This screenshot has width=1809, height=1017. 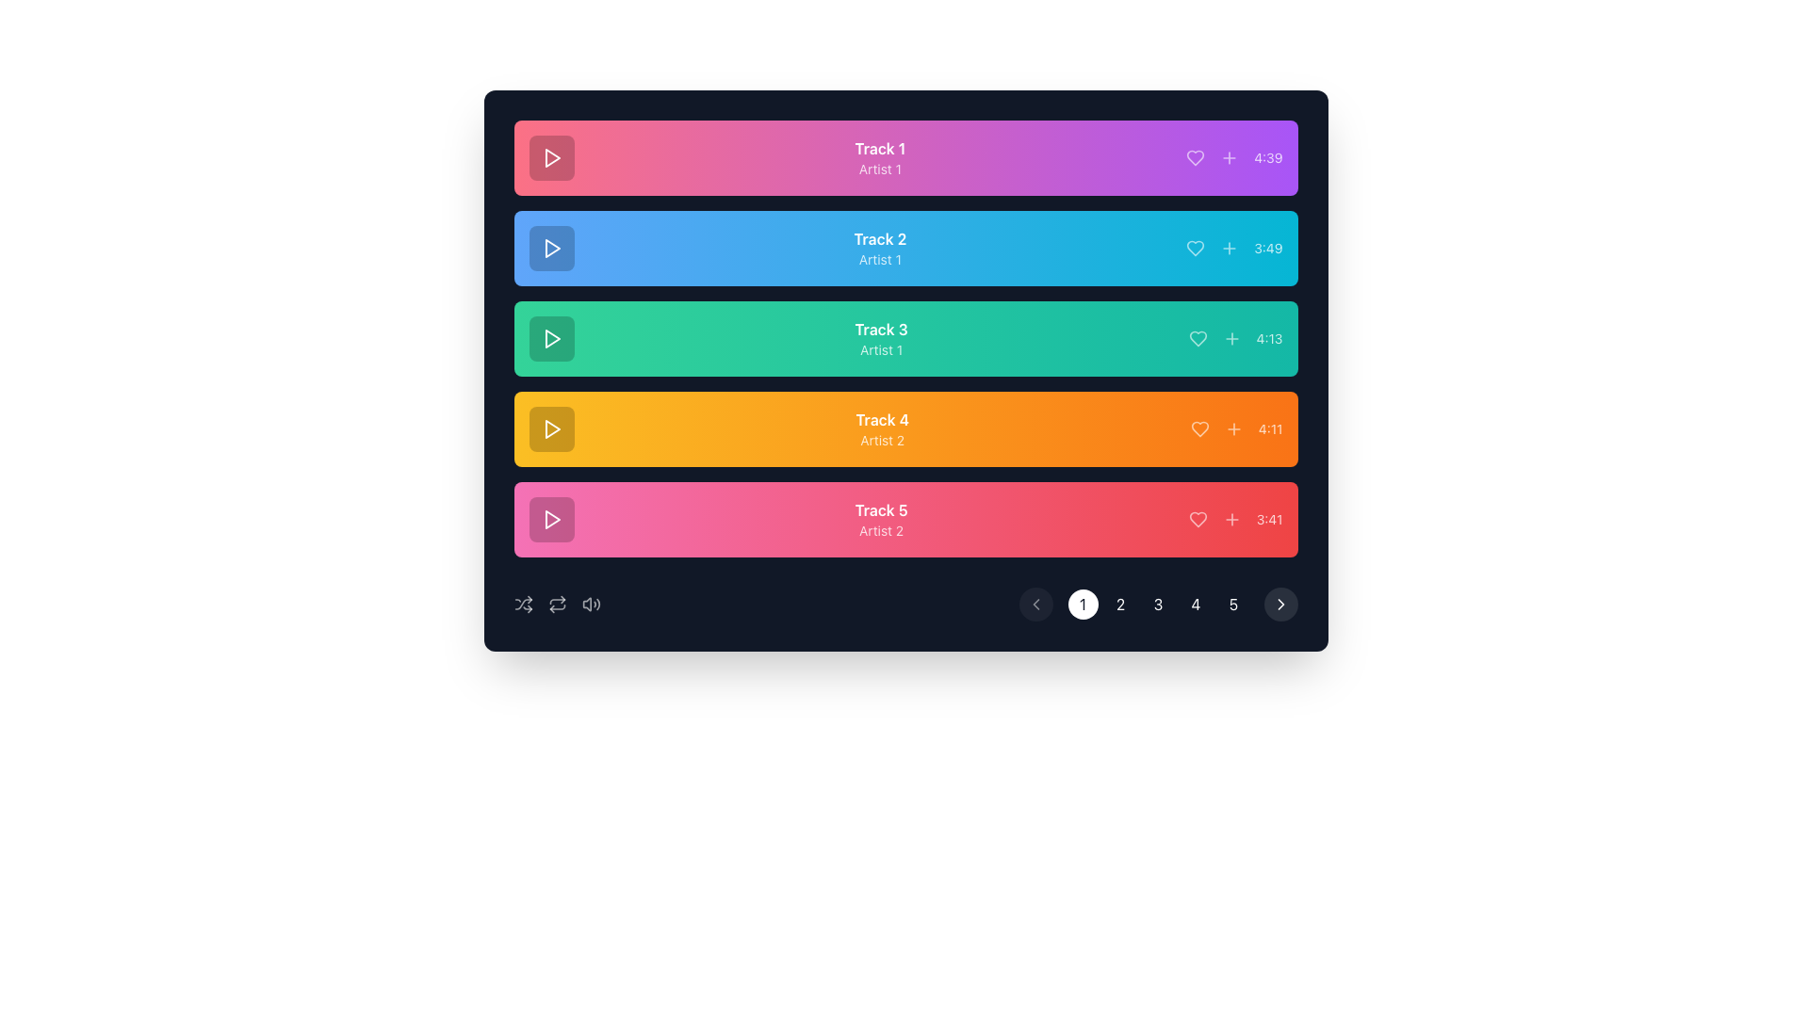 What do you see at coordinates (550, 337) in the screenshot?
I see `the green rounded square play button with a white triangle icon to play the track in the 'Track 3' row` at bounding box center [550, 337].